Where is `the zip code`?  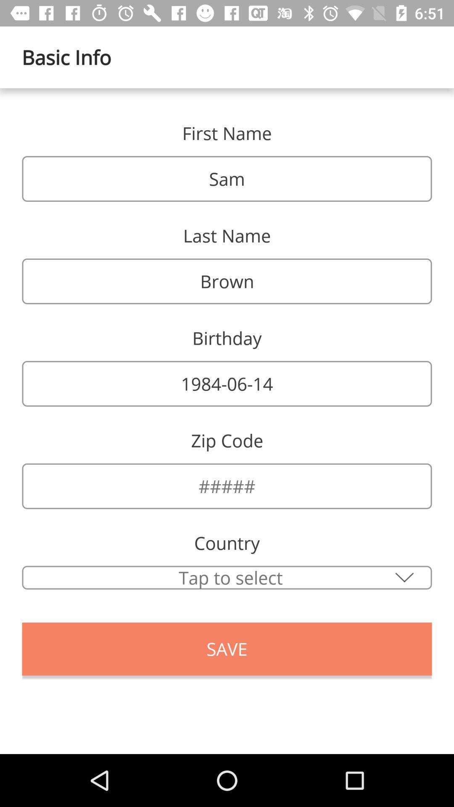 the zip code is located at coordinates (227, 486).